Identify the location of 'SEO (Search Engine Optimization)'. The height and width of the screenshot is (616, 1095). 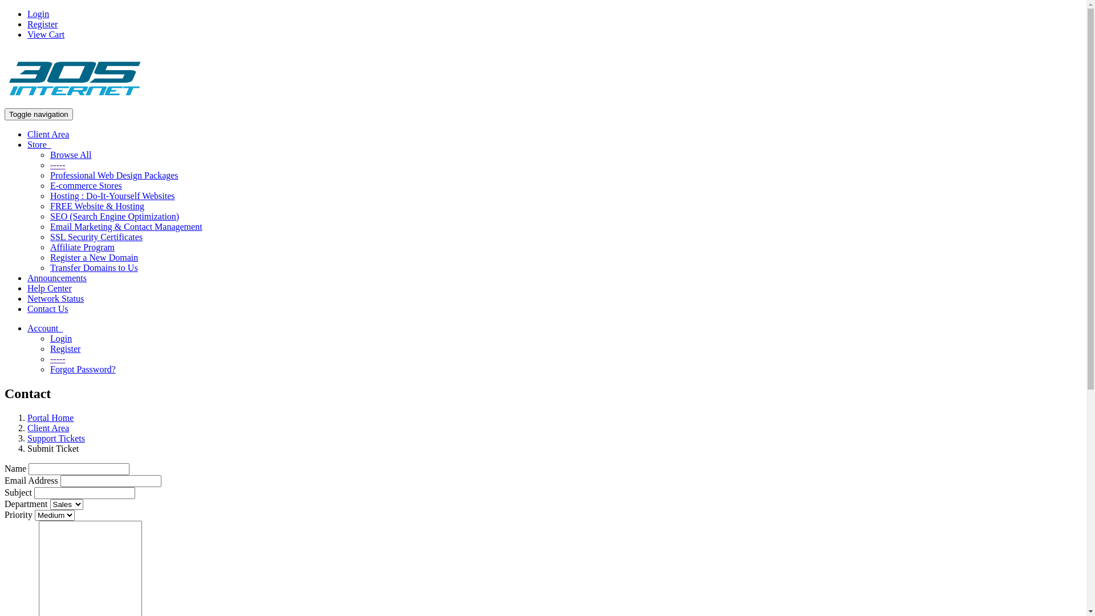
(115, 216).